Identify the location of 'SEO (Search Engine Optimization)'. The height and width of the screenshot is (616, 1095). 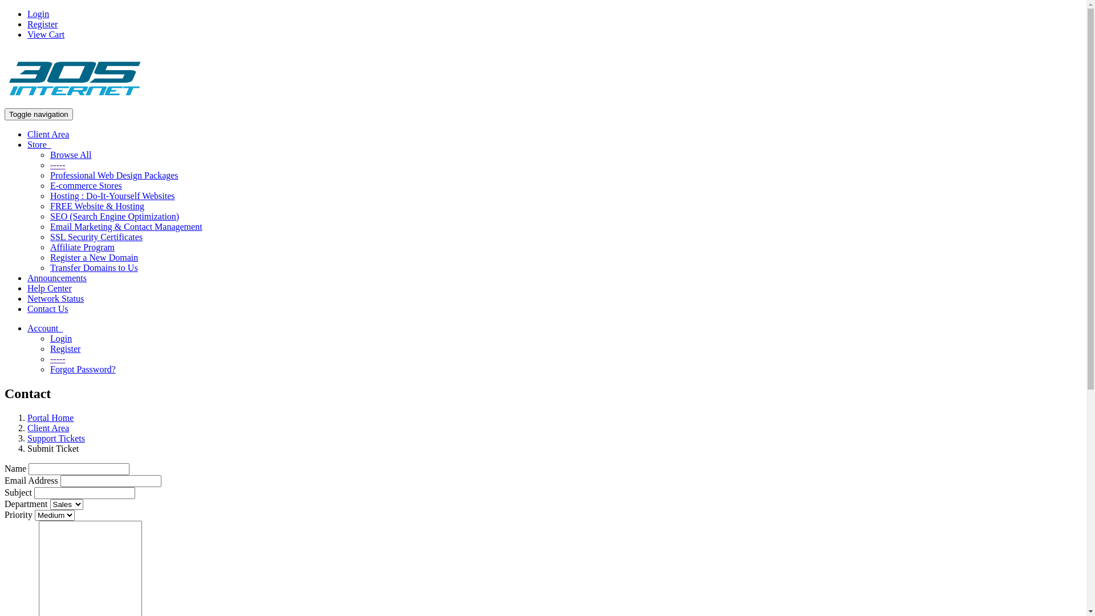
(115, 216).